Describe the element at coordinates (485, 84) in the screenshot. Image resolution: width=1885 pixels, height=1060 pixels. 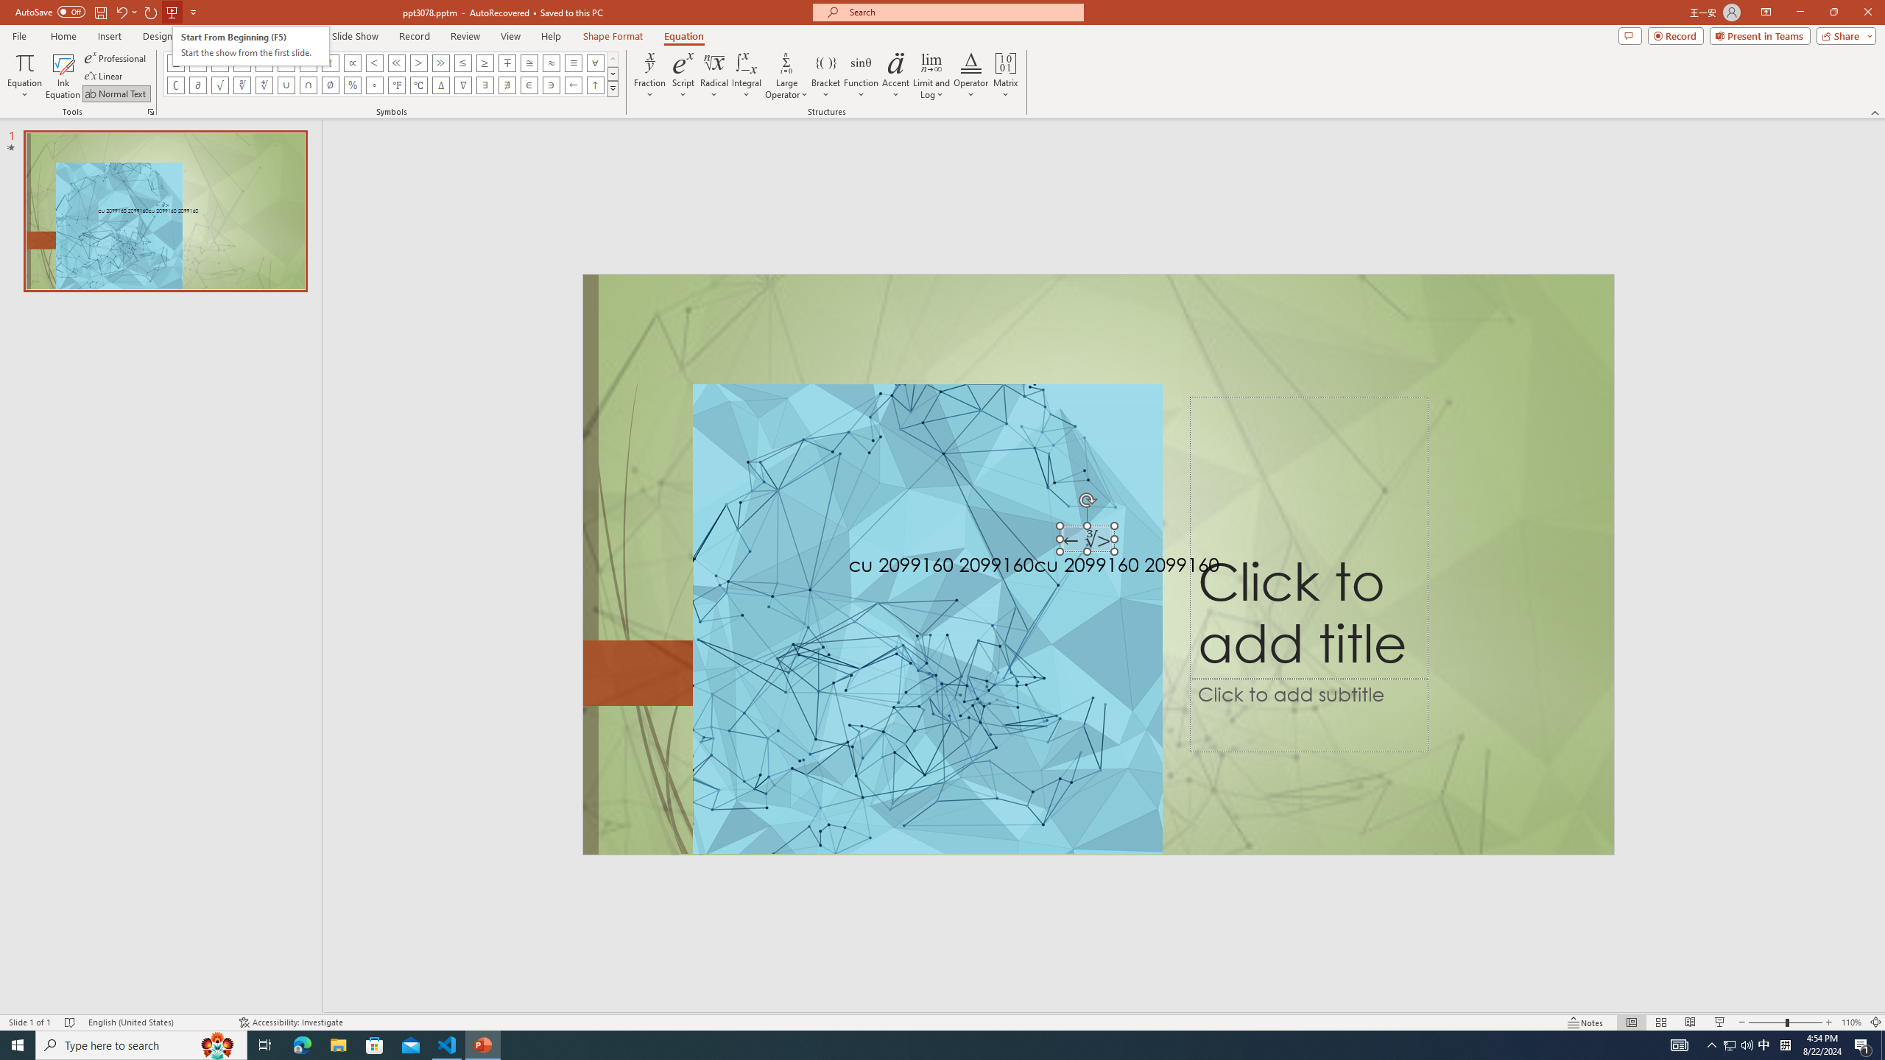
I see `'Equation Symbol There Exists'` at that location.